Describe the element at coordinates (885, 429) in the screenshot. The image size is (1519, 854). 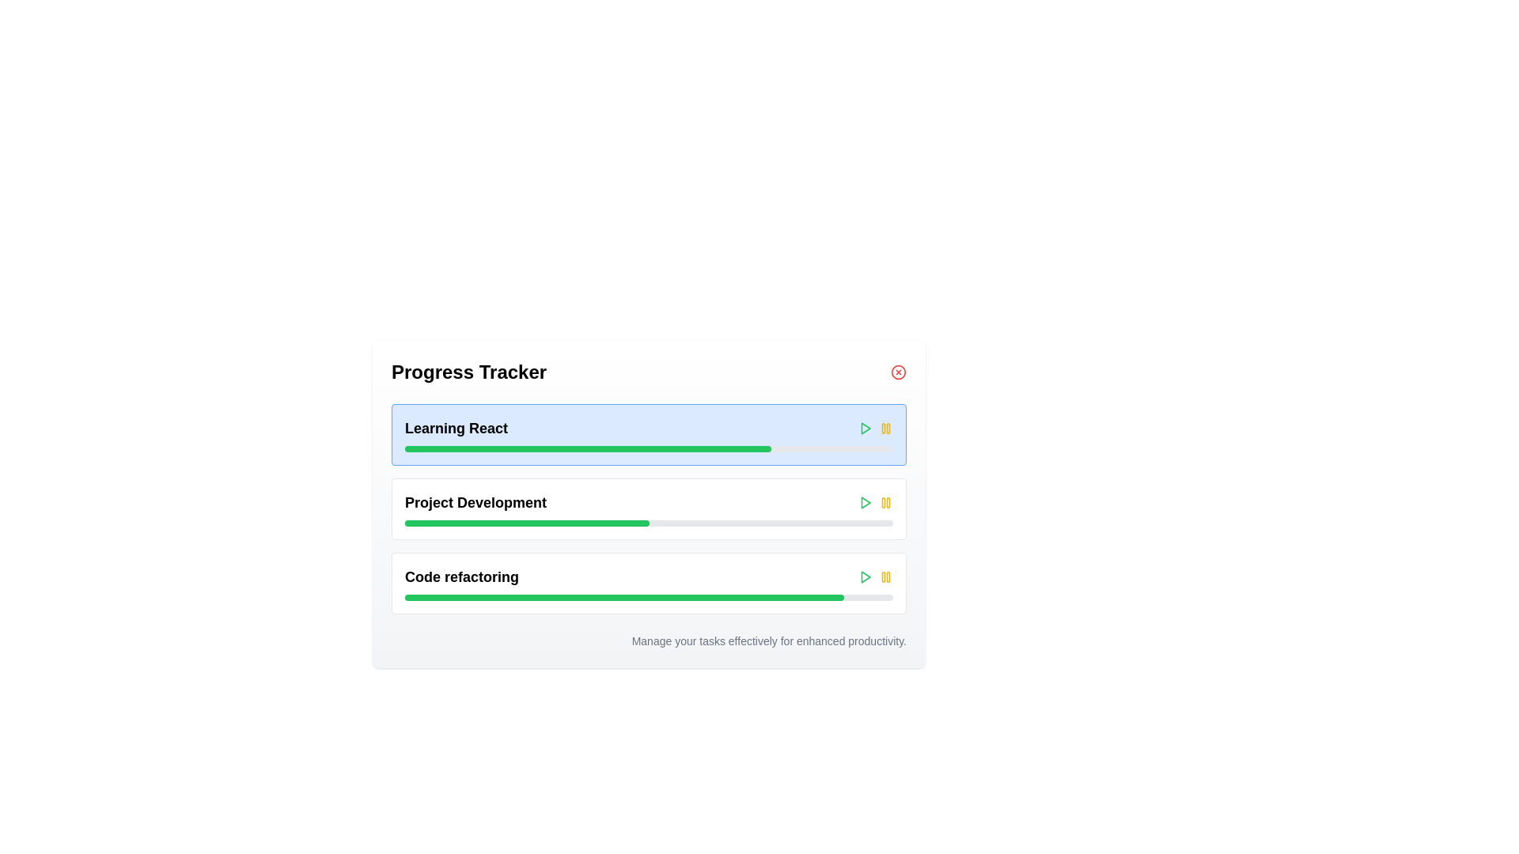
I see `the pause button located` at that location.